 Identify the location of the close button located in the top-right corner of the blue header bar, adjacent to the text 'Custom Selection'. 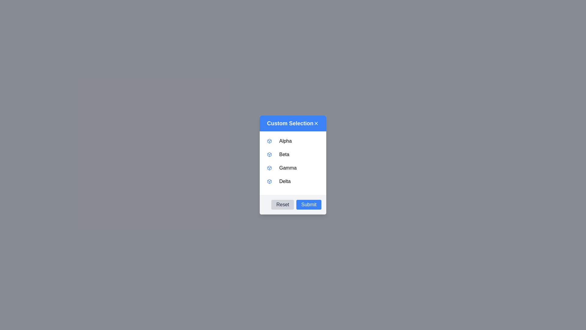
(316, 123).